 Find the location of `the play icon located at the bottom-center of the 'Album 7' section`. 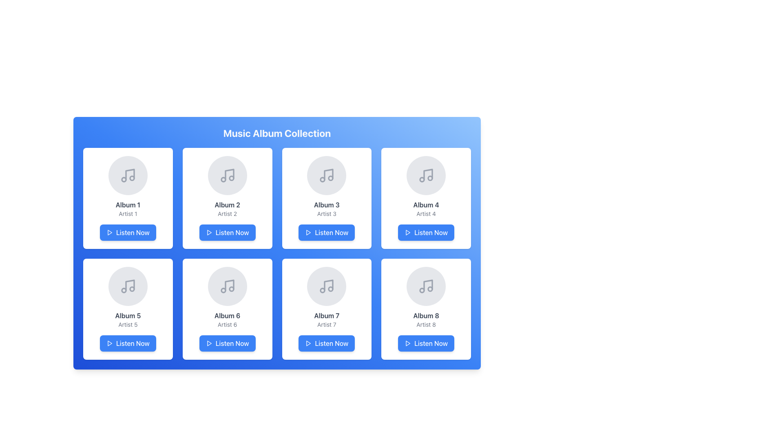

the play icon located at the bottom-center of the 'Album 7' section is located at coordinates (308, 343).